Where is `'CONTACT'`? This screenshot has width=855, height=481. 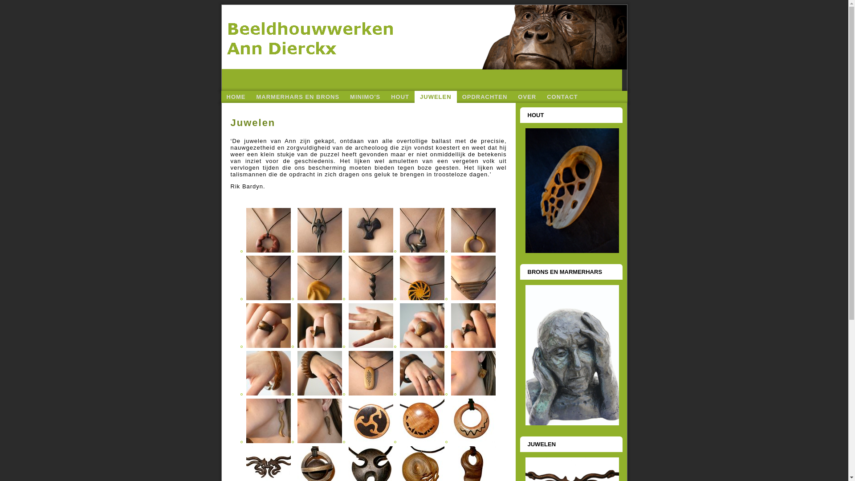 'CONTACT' is located at coordinates (541, 97).